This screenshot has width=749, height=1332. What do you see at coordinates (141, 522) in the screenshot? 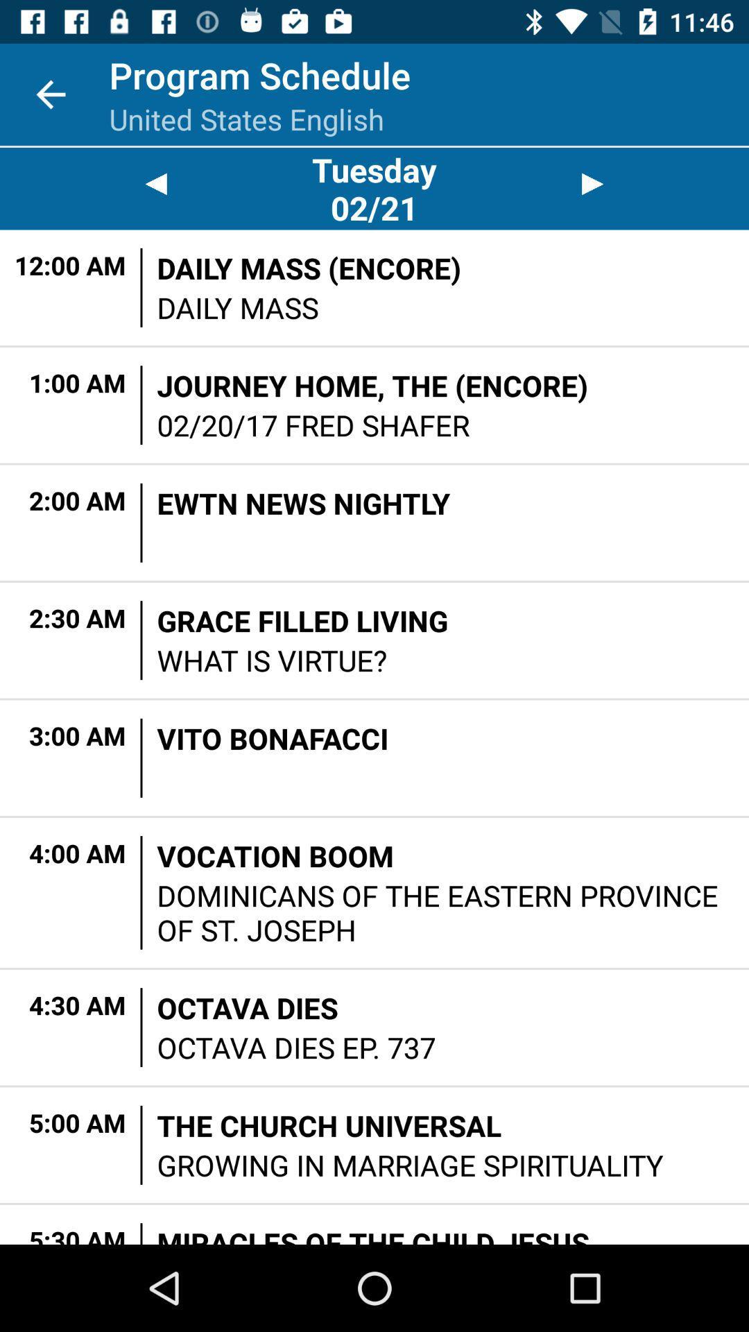
I see `the icon next to the ewtn news nightly icon` at bounding box center [141, 522].